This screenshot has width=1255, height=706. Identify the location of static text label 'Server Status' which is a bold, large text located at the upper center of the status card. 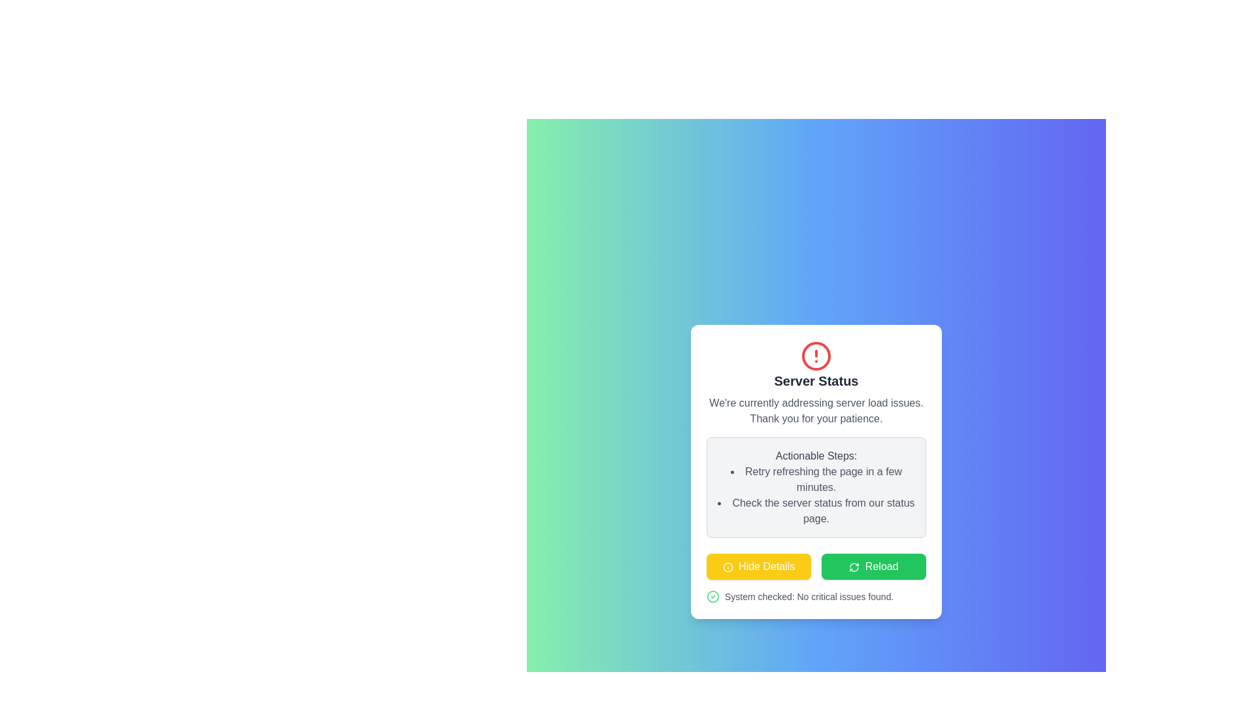
(815, 380).